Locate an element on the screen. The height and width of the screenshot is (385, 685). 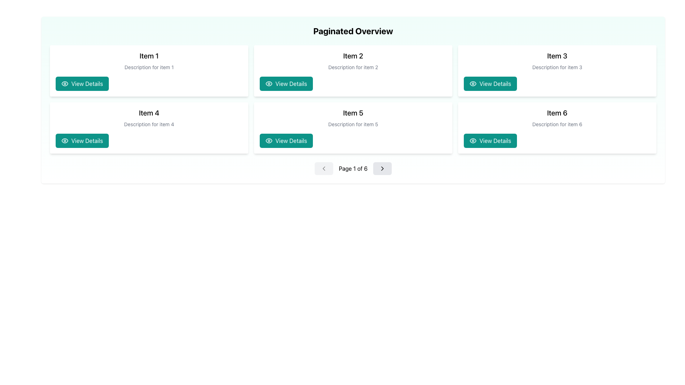
the centered text display that shows 'Page 1 of 6' in bold typography within the pagination control, located between the left and right navigation buttons is located at coordinates (353, 169).